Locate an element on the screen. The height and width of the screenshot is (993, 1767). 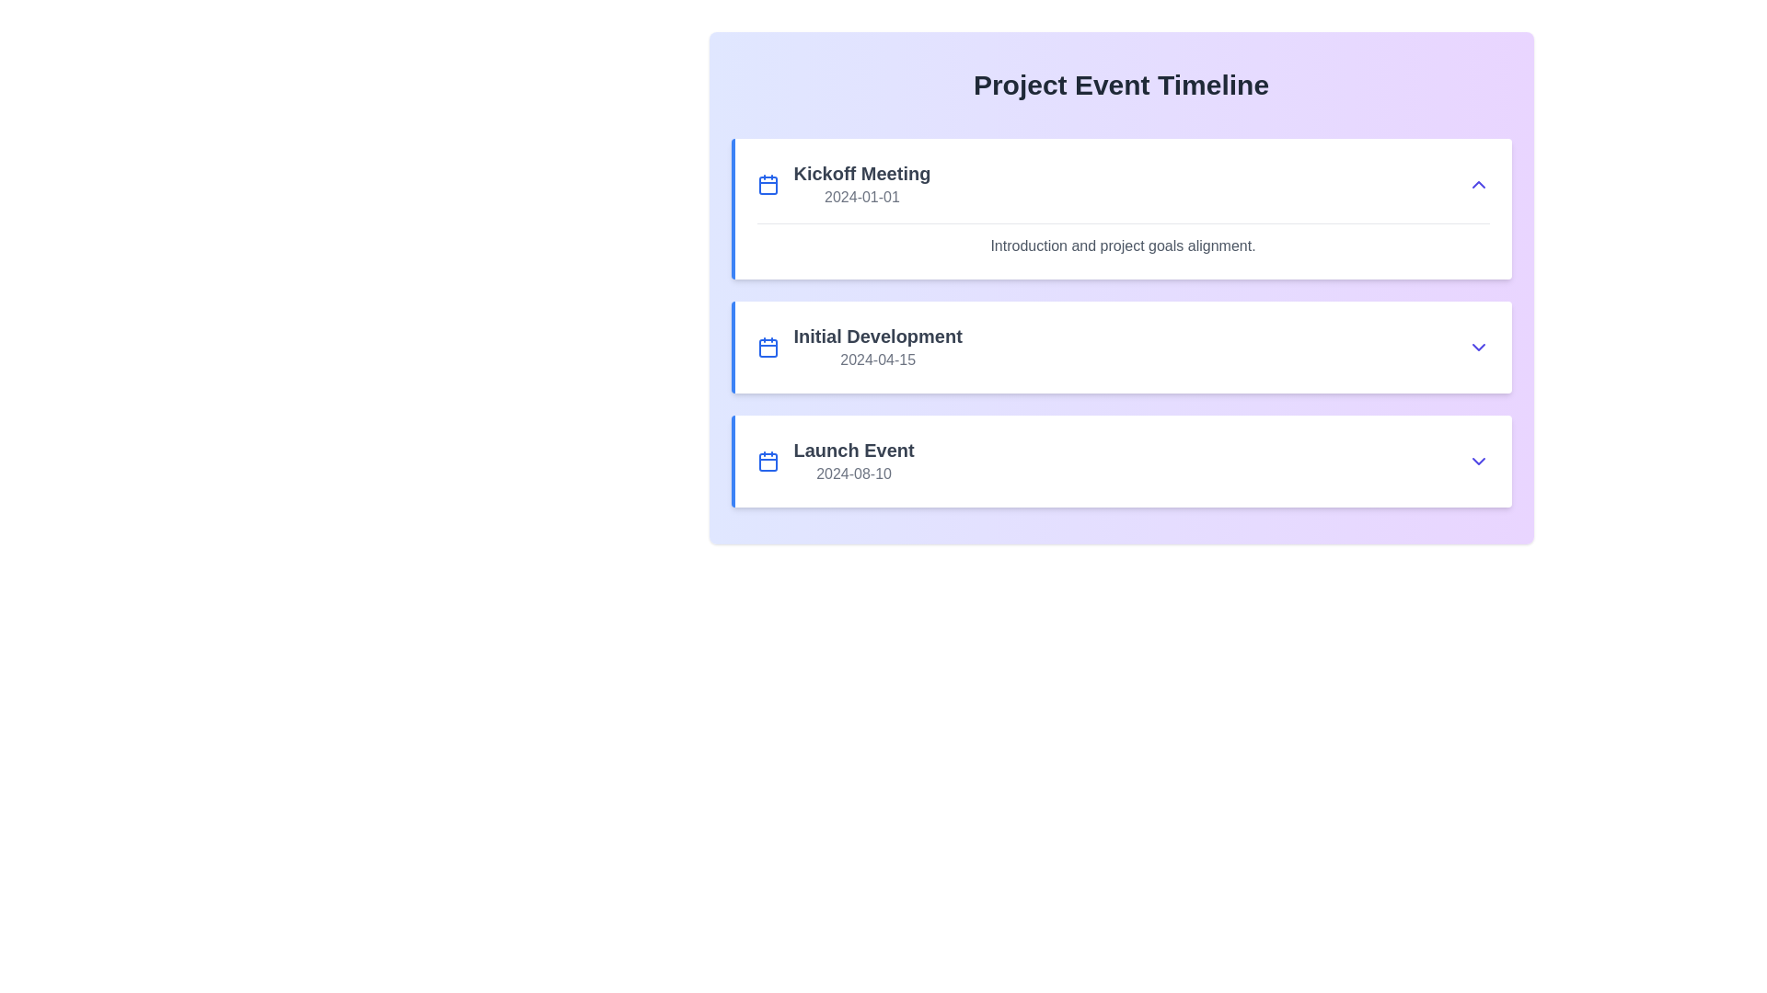
the text element displaying the date '2024-04-15', which is styled in gray font and located below the text 'Initial Development' within the timeline event card labeled 'Initial Development 2024-04-15' is located at coordinates (877, 360).